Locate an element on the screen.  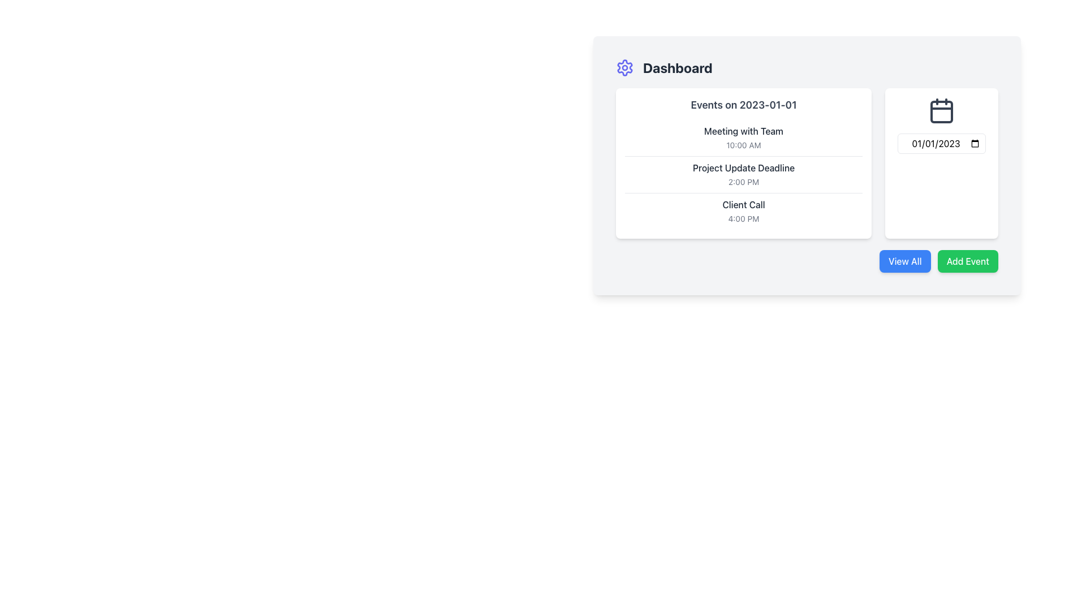
the Date Input Field to interact via keyboard or invoke the date picker is located at coordinates (942, 143).